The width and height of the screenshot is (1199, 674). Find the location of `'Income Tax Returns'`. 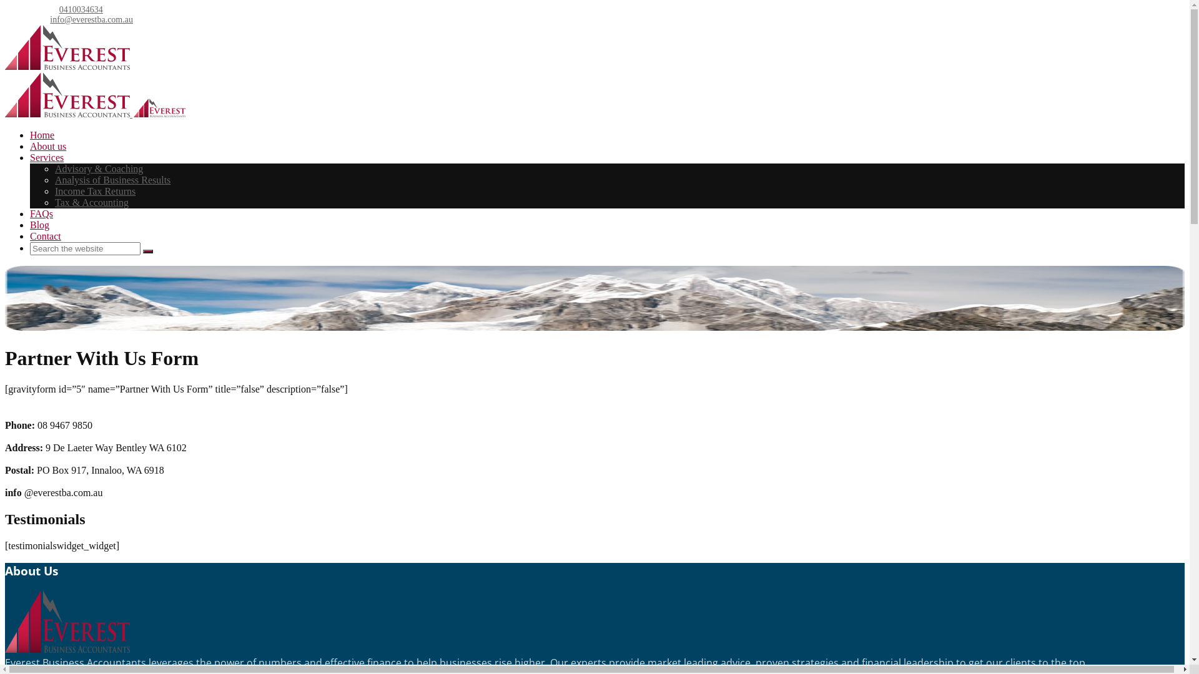

'Income Tax Returns' is located at coordinates (94, 191).